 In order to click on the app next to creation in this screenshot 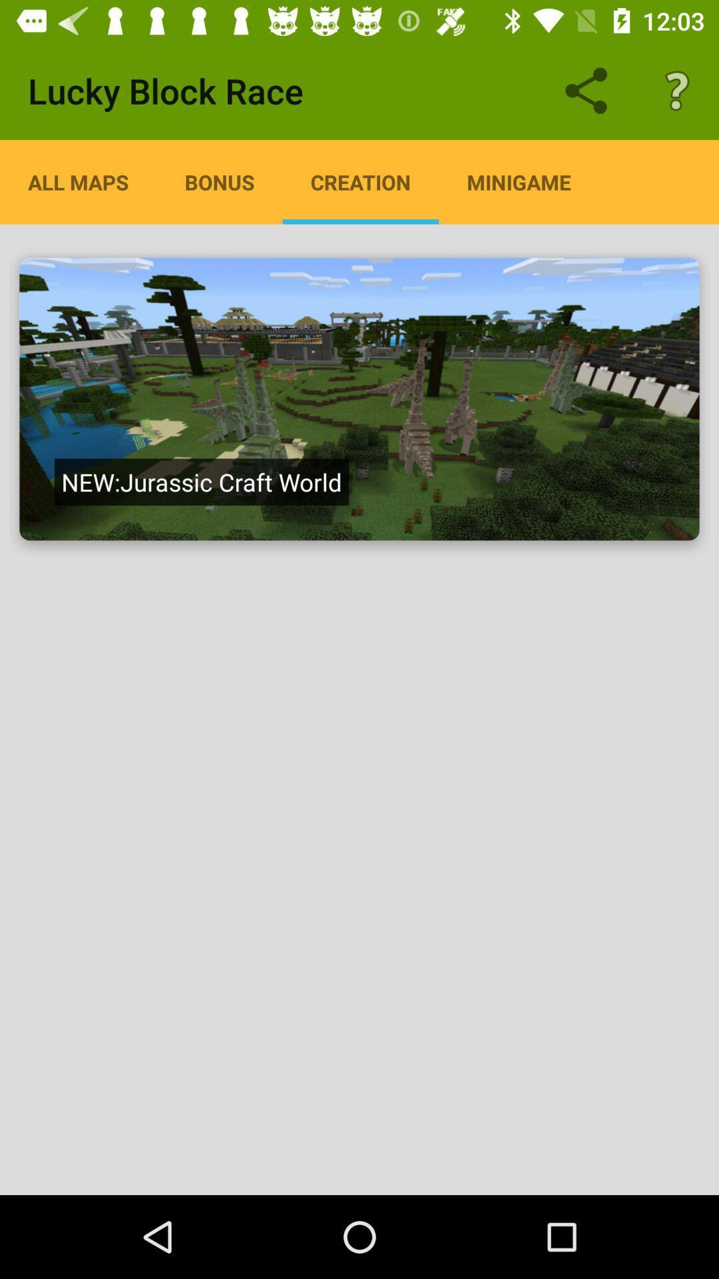, I will do `click(219, 181)`.